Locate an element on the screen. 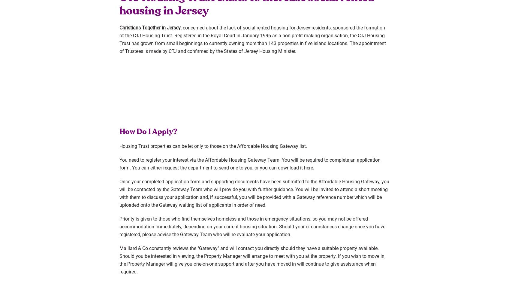  'Once your completed application form and supporting documents have been submitted to the Affordable Housing Gateway, you will be contacted by the Gateway Team who will provide you with further guidance. You will be invited to attend a short meeting with them to discuss your application and, if successful, you will be provided with a Gateway reference number which will be uploaded onto the Gateway waiting list of applicants in order of need.' is located at coordinates (254, 193).